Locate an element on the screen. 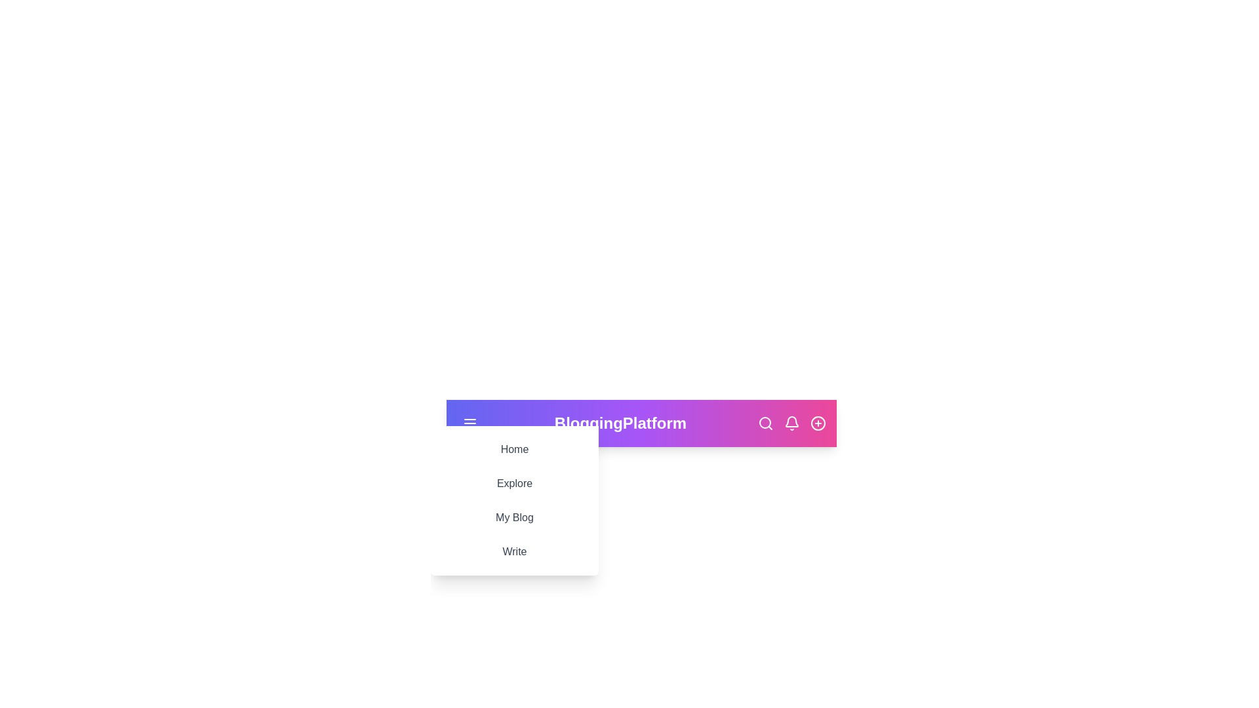  the menu button to toggle the sidebar menu is located at coordinates (470, 423).